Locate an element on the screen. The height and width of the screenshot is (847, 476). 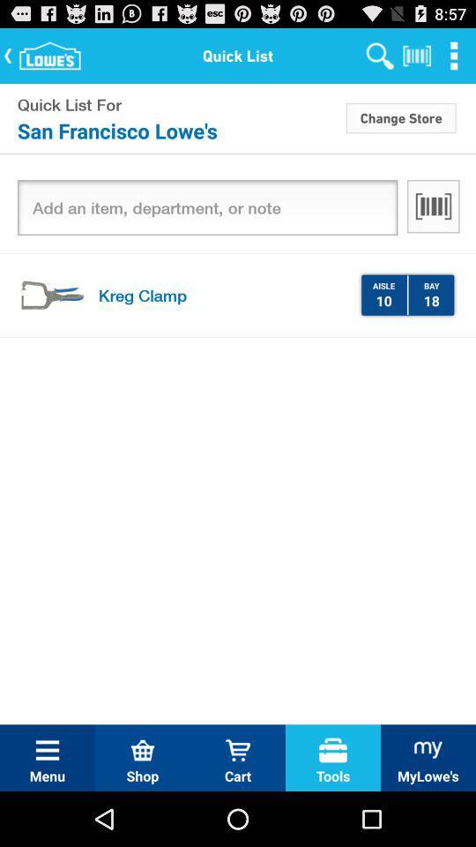
the app to the left of aisle icon is located at coordinates (222, 295).